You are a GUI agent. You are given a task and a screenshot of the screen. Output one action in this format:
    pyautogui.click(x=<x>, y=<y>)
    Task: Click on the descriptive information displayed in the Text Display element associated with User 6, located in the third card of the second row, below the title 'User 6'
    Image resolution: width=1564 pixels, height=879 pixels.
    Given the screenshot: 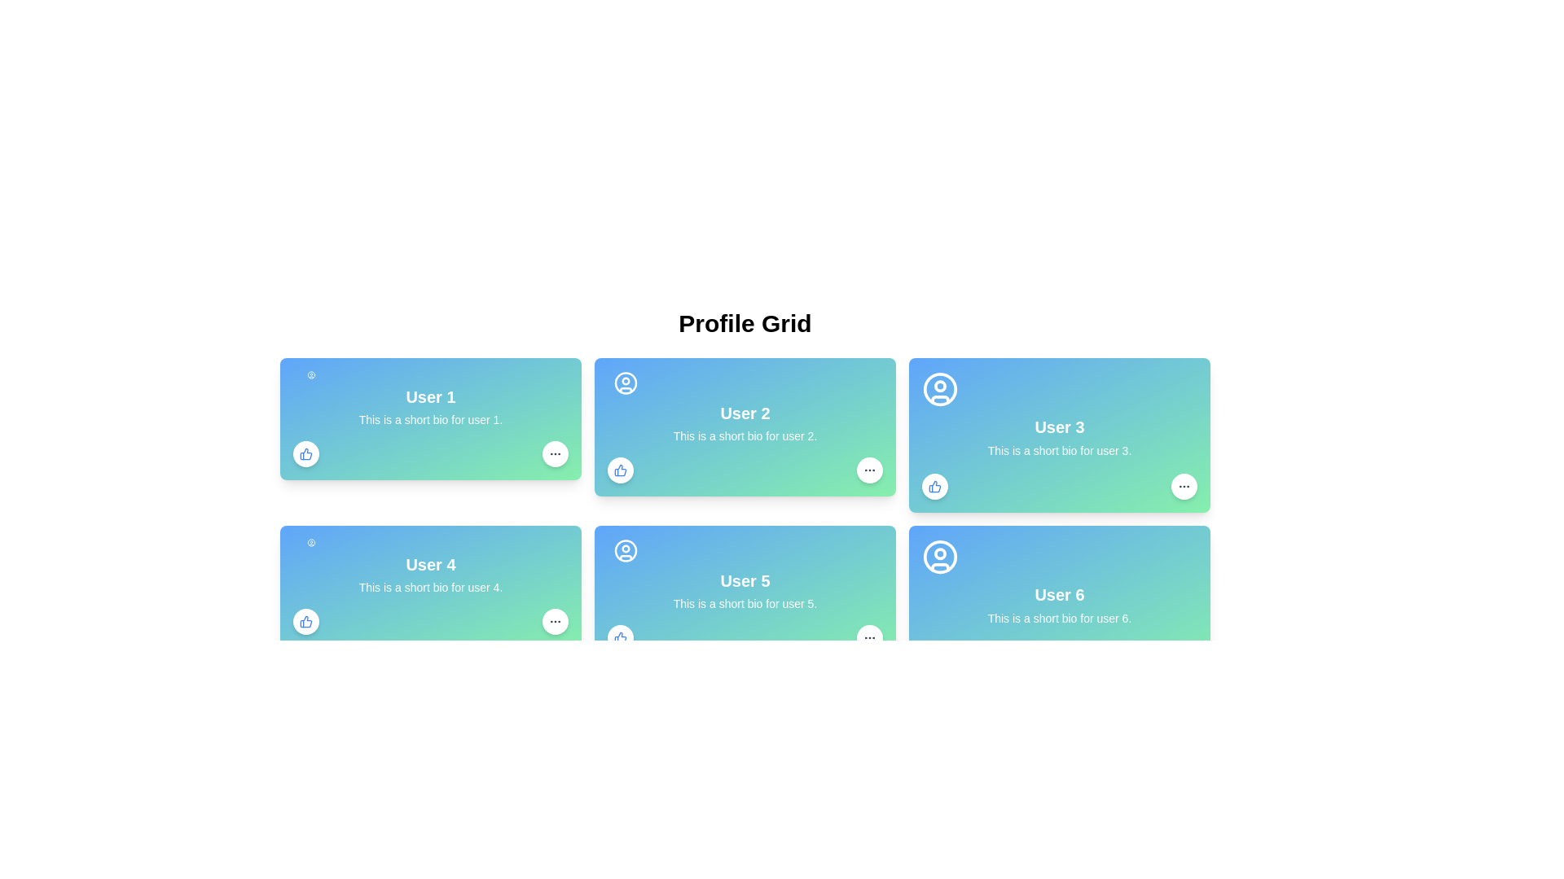 What is the action you would take?
    pyautogui.click(x=1059, y=618)
    